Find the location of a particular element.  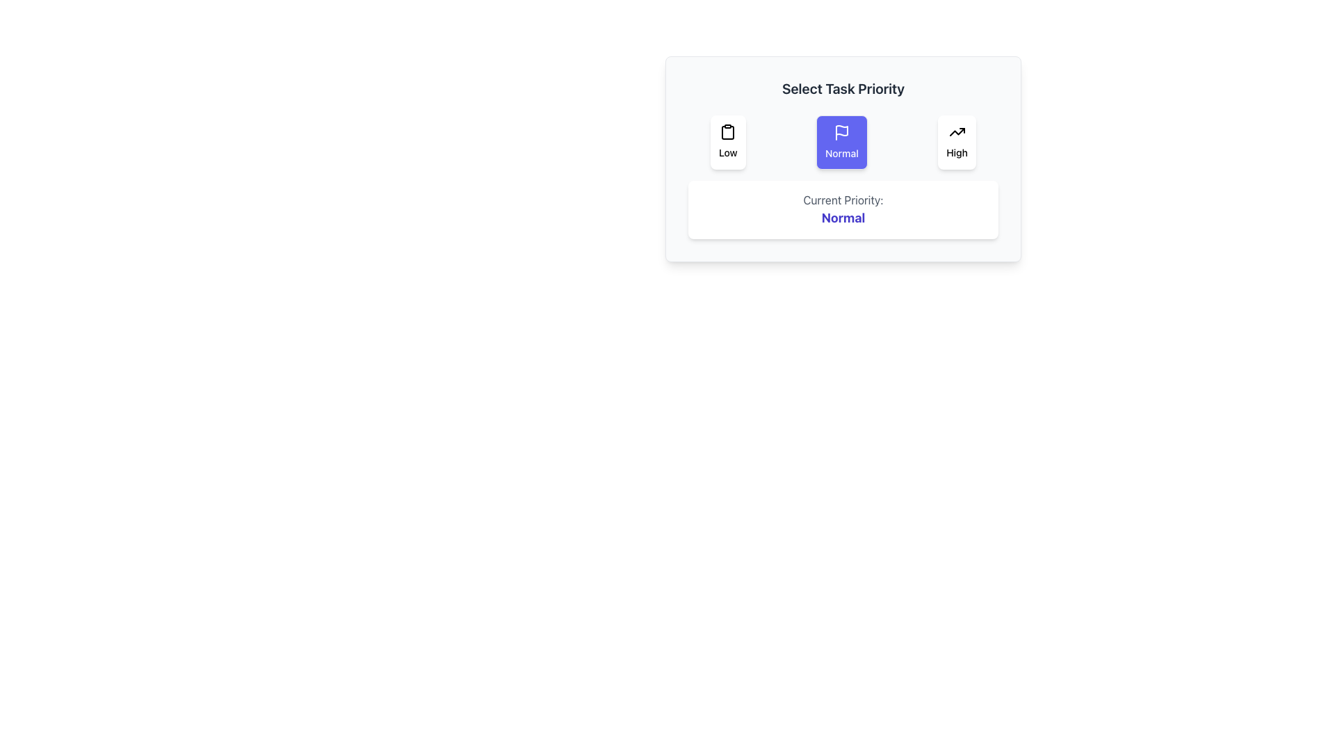

the third button from the left in the horizontal row, which has a white background, rounded corners, and contains an upward trending line icon with the text 'High' below it is located at coordinates (956, 142).